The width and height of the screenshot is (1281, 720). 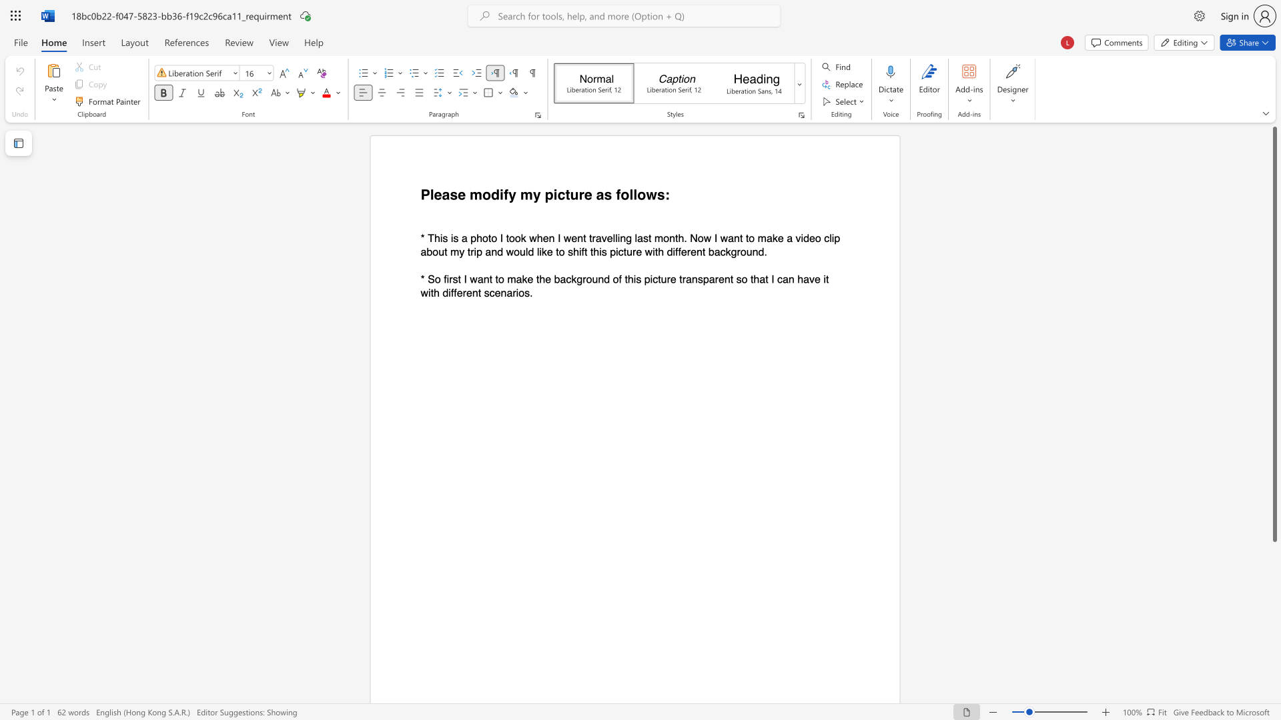 I want to click on the subset text "sparent so that I" within the text "* So first I want to make the background of this picture transparent so that I can have it with different scenarios.", so click(x=697, y=278).